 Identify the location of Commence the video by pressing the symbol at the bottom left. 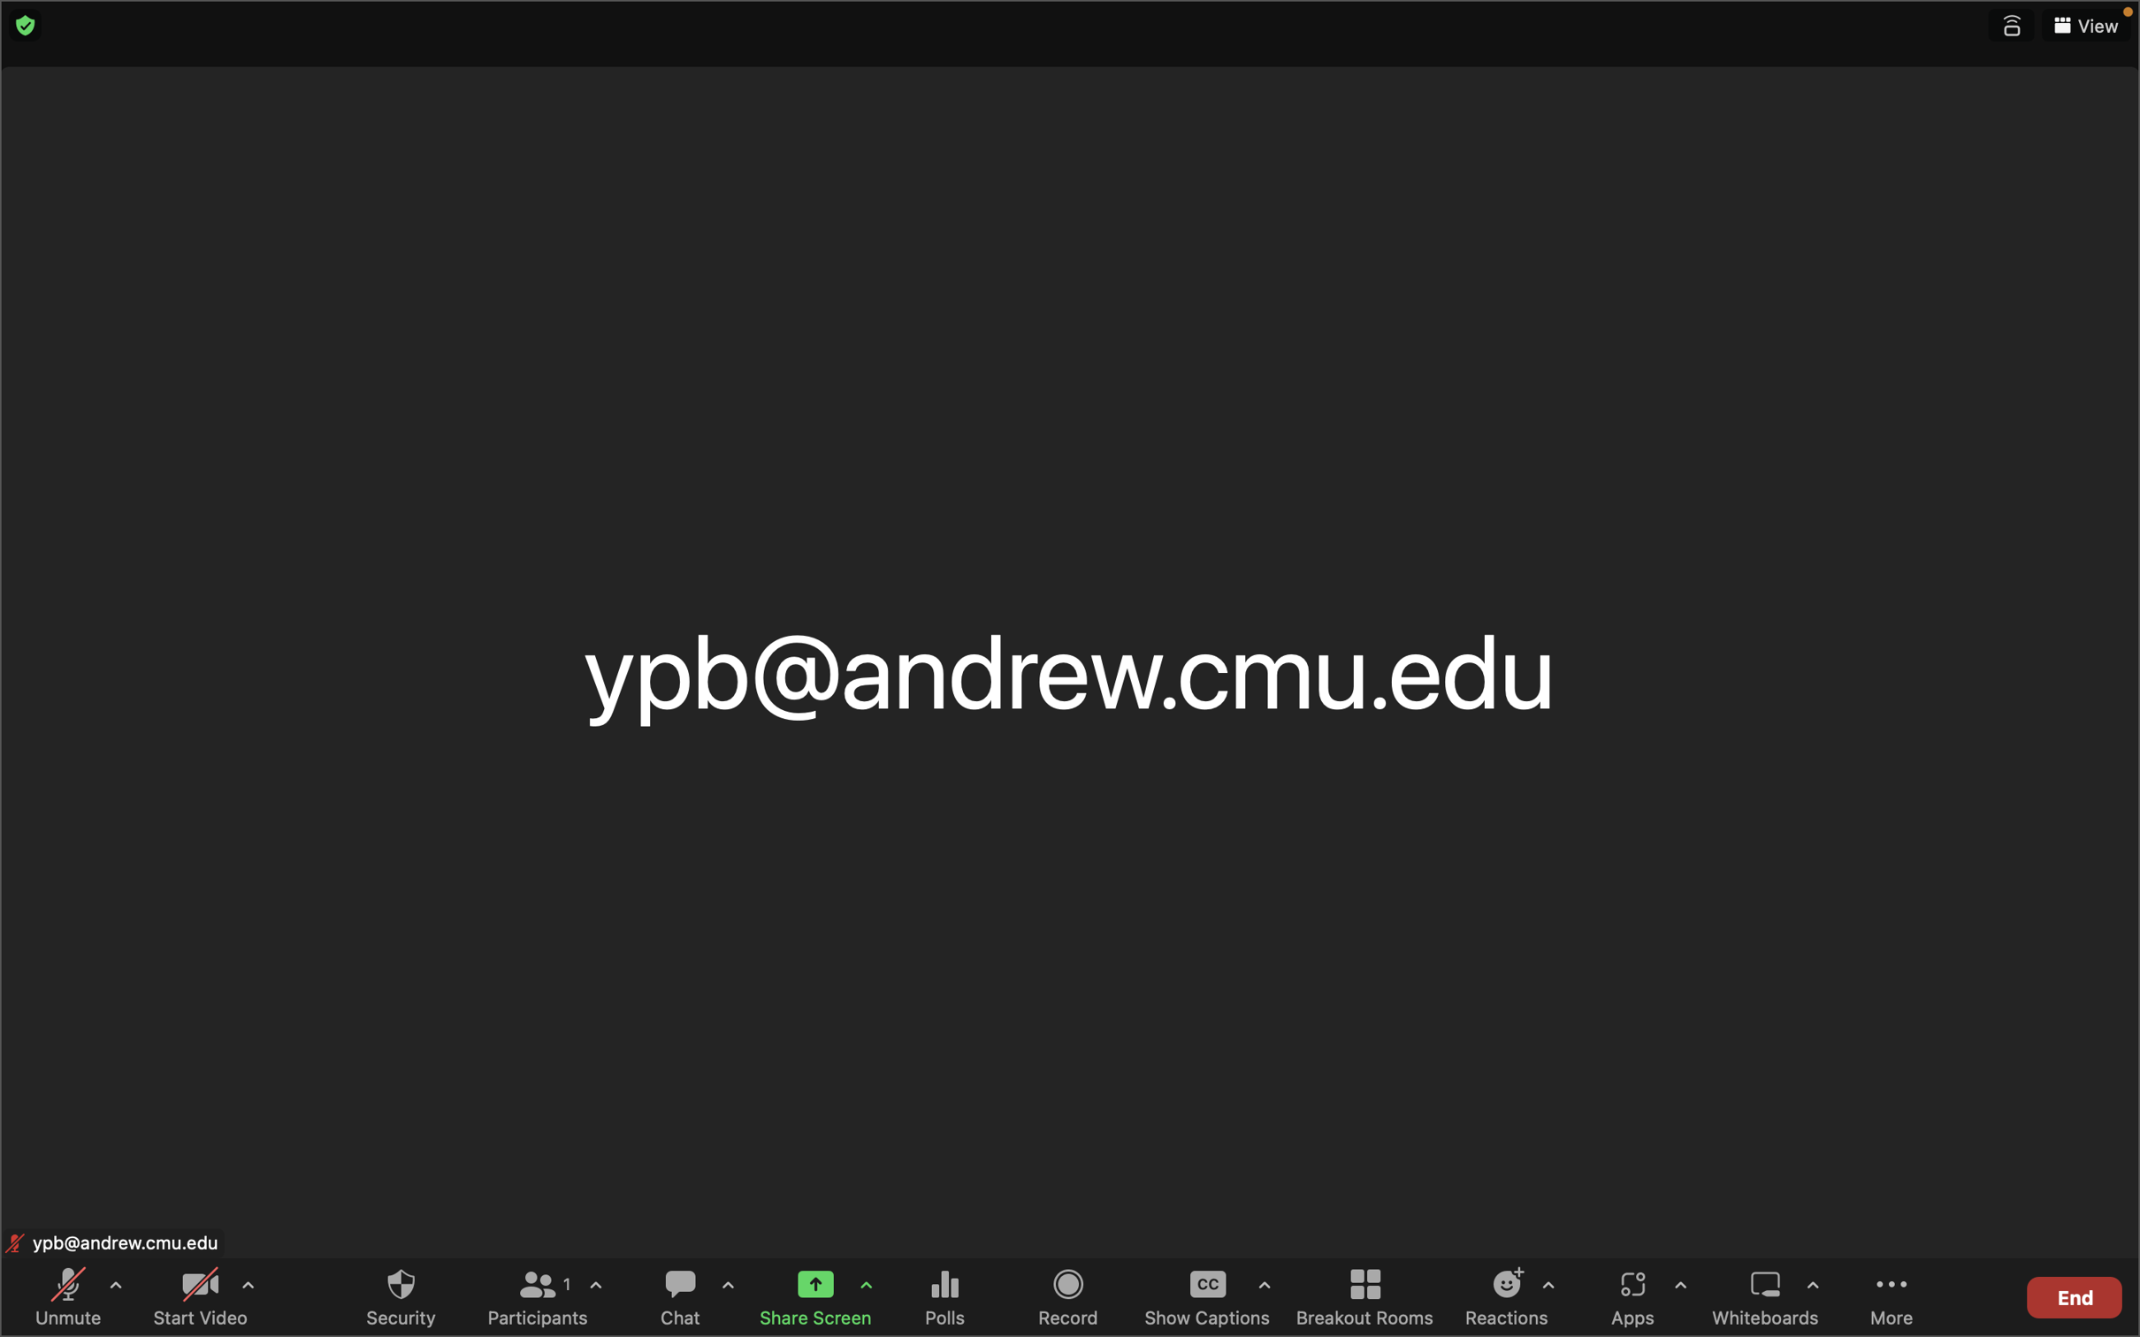
(198, 1297).